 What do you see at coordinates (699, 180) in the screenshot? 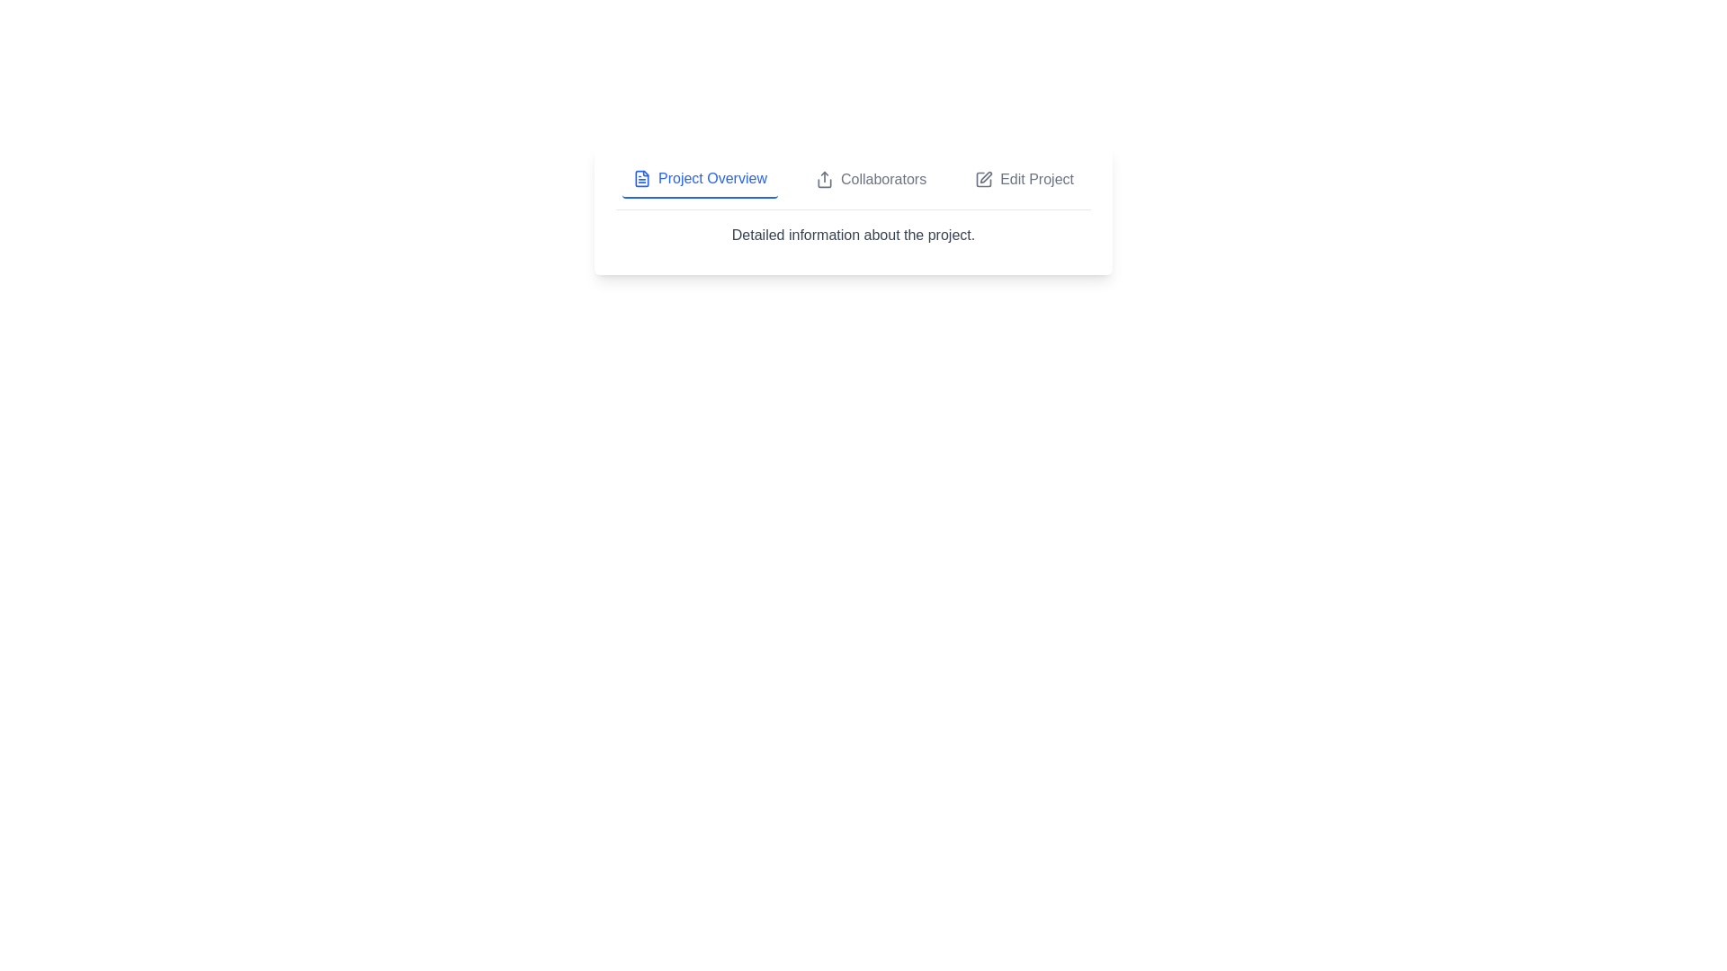
I see `the Project Overview tab to view its content` at bounding box center [699, 180].